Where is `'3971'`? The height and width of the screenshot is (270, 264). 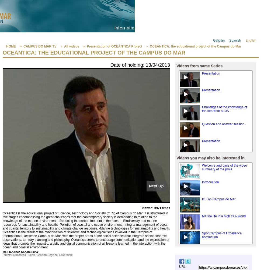
'3971' is located at coordinates (157, 208).